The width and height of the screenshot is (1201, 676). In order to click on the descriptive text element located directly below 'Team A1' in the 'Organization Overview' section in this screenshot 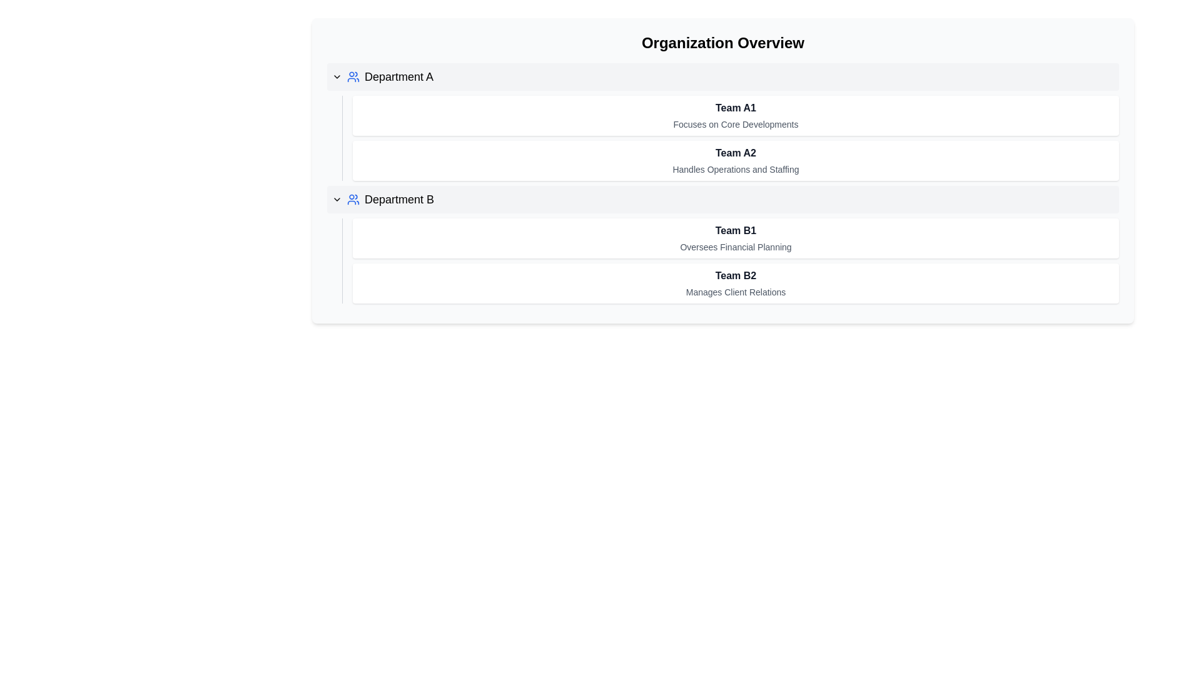, I will do `click(736, 125)`.